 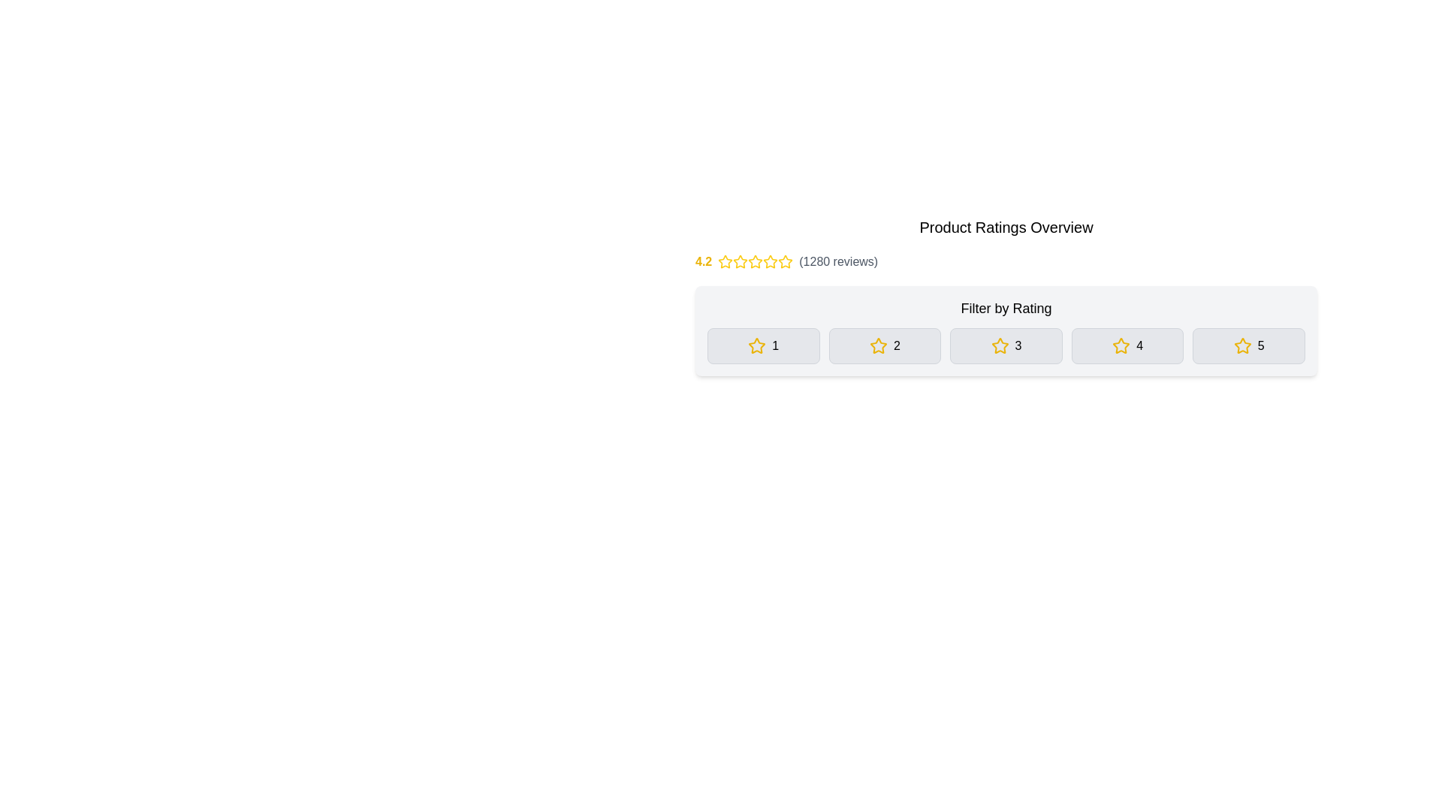 What do you see at coordinates (726, 261) in the screenshot?
I see `the first star rating icon, which visually represents the star rating in the review system, located to the right of the numerical rating value of 4.2` at bounding box center [726, 261].